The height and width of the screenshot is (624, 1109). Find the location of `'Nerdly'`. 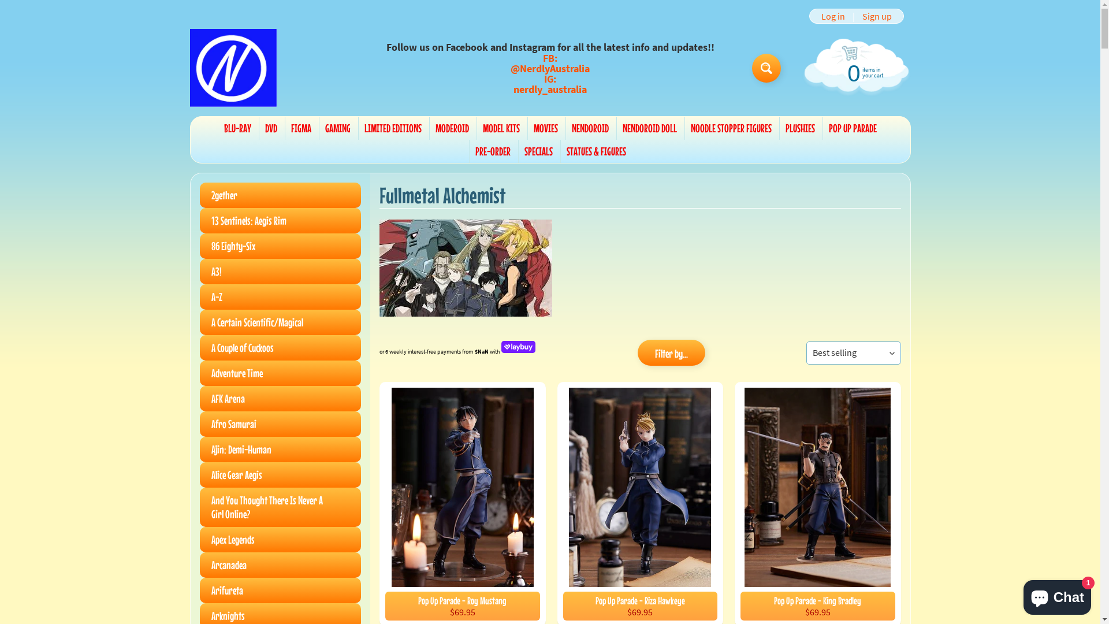

'Nerdly' is located at coordinates (232, 68).